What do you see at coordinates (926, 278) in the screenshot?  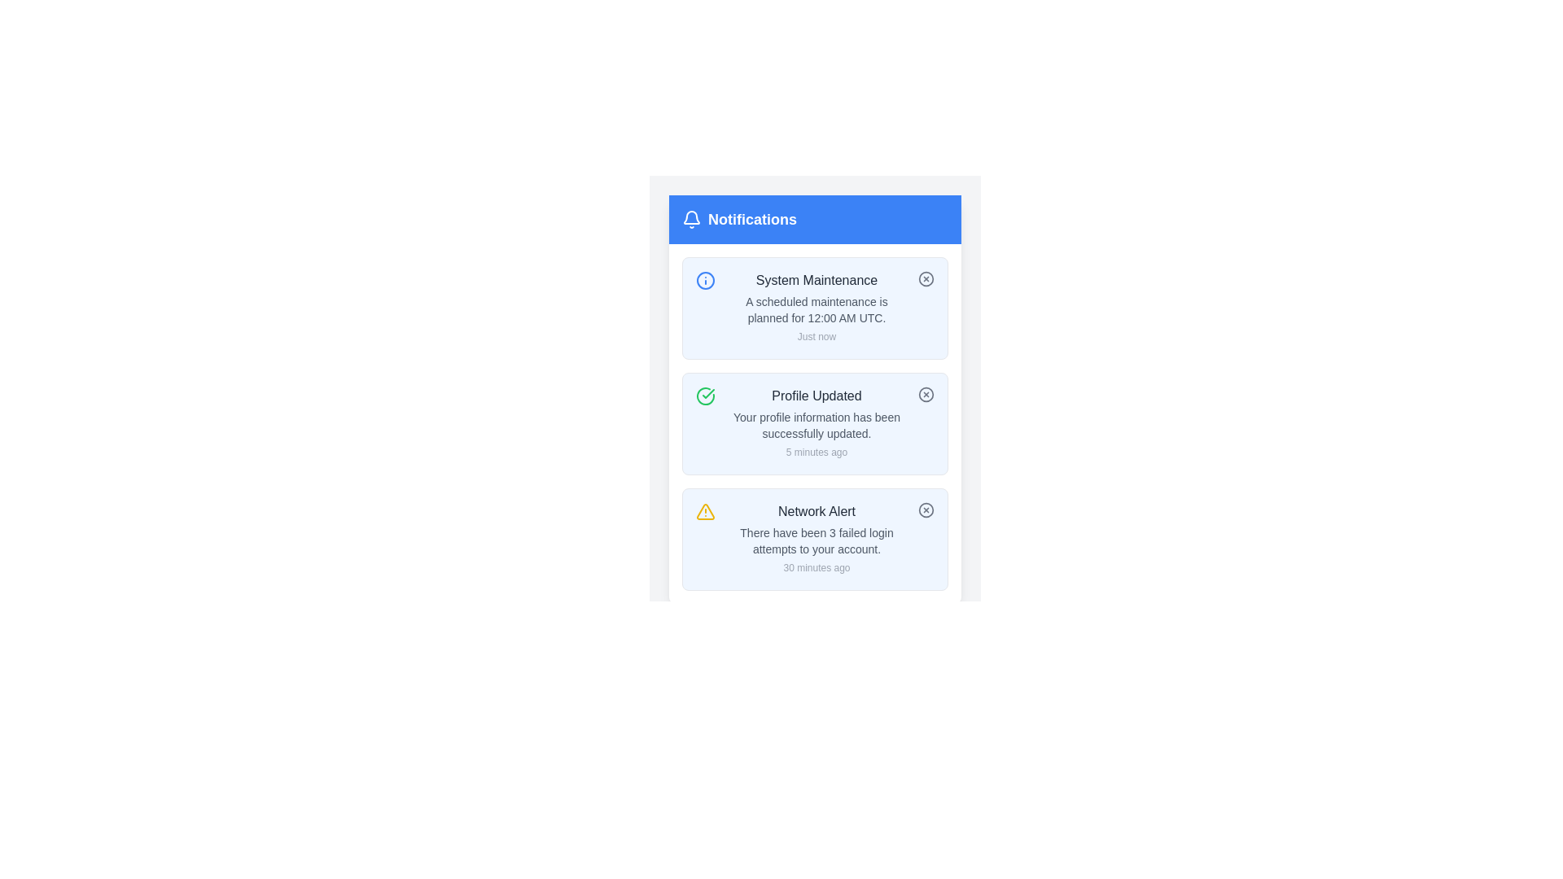 I see `or inspect the icon associated with the decorative circle in the 'System Maintenance' notification card, located at the top-right of the card` at bounding box center [926, 278].